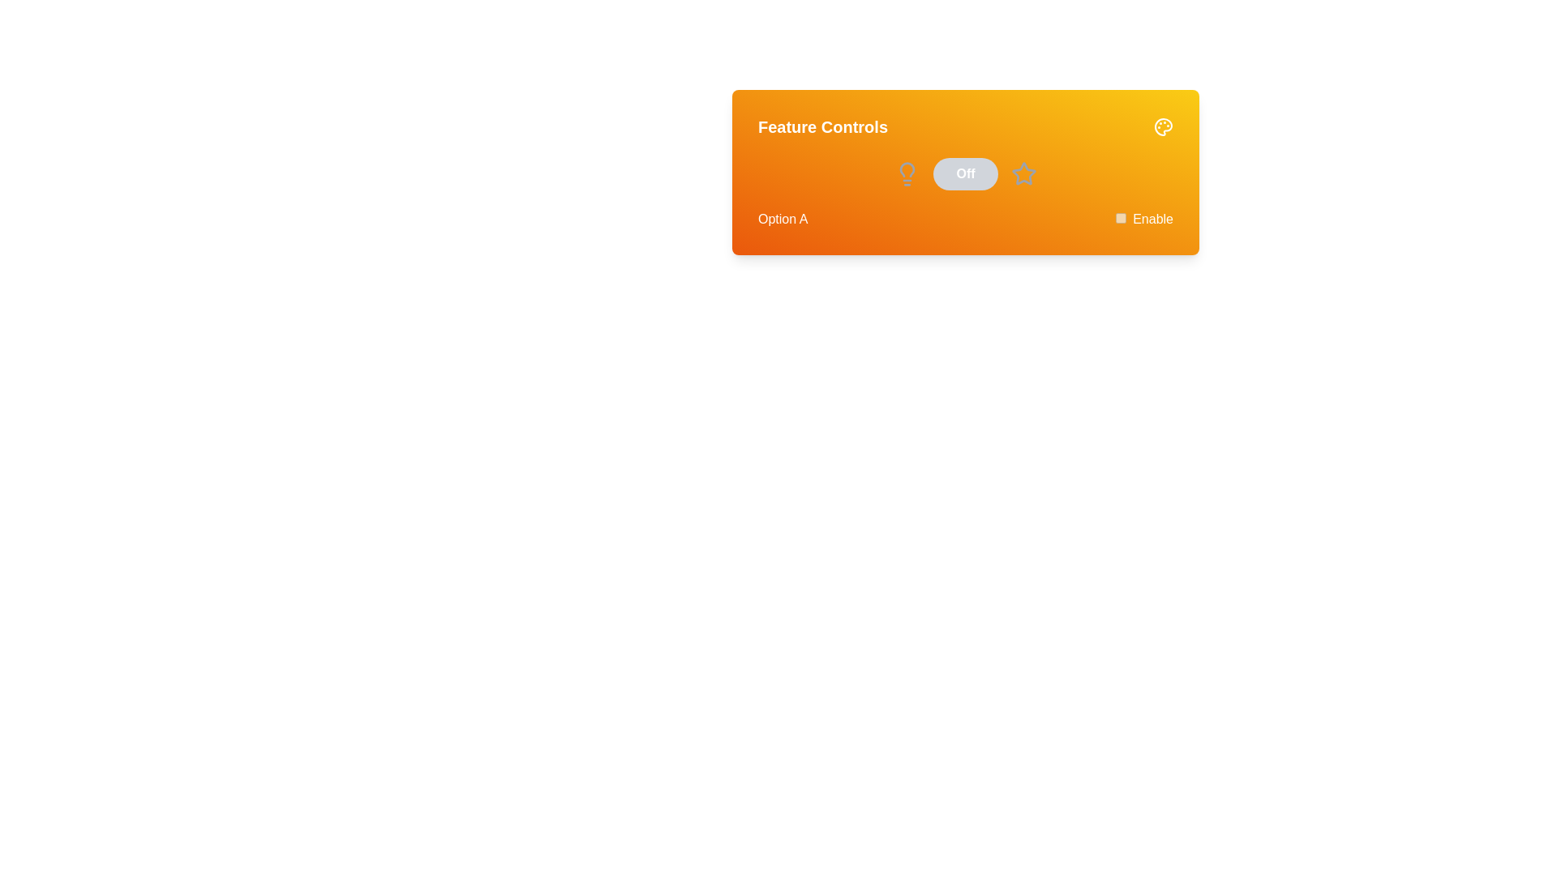 The image size is (1557, 875). I want to click on the button labeled 'Off' with a gray background, so click(965, 174).